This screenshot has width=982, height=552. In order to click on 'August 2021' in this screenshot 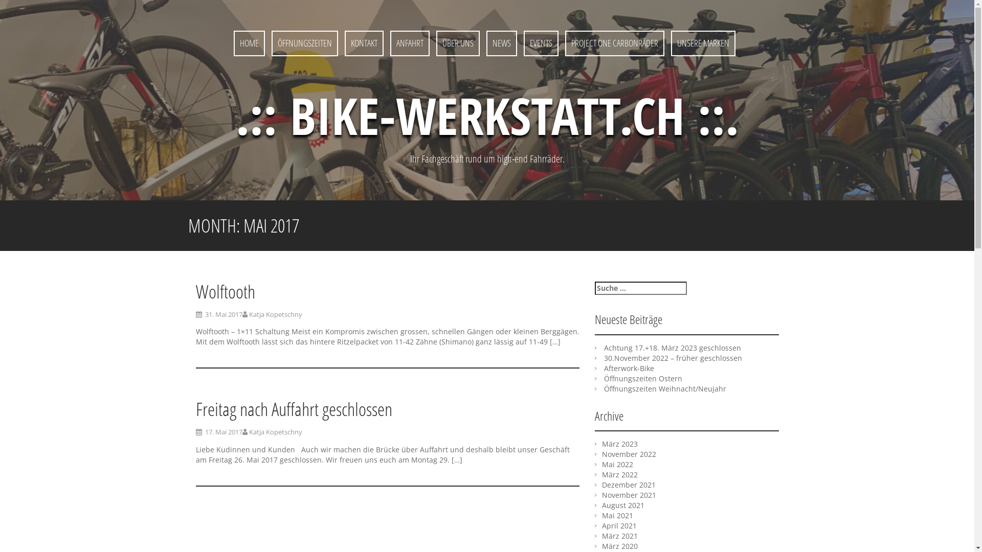, I will do `click(622, 504)`.